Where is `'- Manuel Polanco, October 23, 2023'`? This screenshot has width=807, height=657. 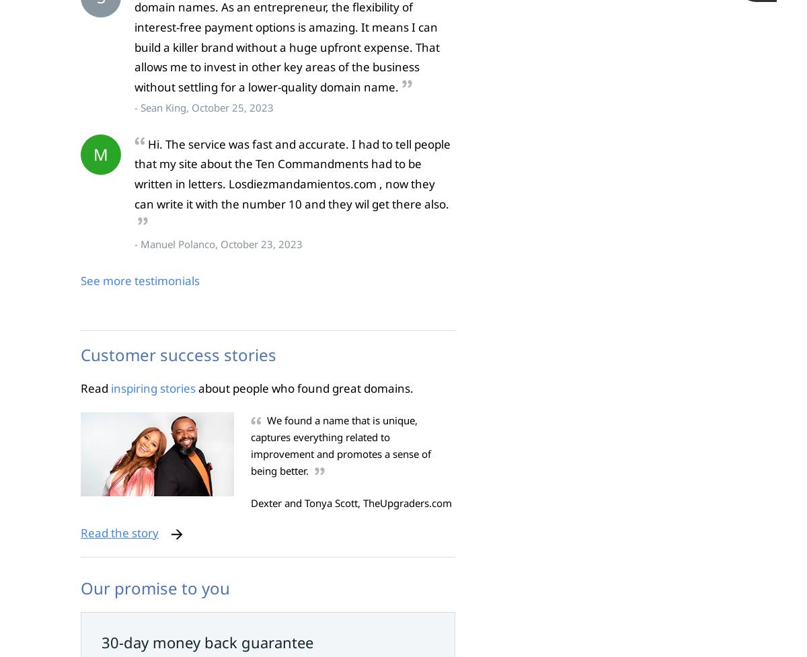 '- Manuel Polanco, October 23, 2023' is located at coordinates (134, 243).